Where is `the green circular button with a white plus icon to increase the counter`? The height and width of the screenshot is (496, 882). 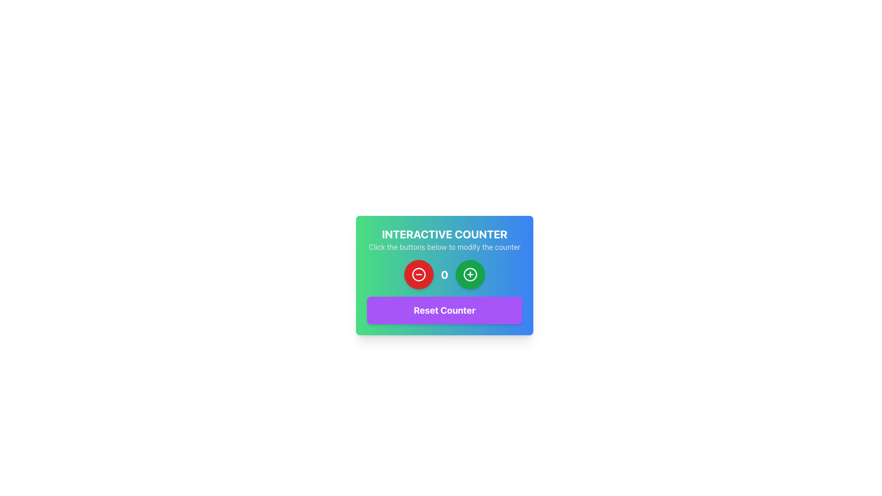 the green circular button with a white plus icon to increase the counter is located at coordinates (470, 274).